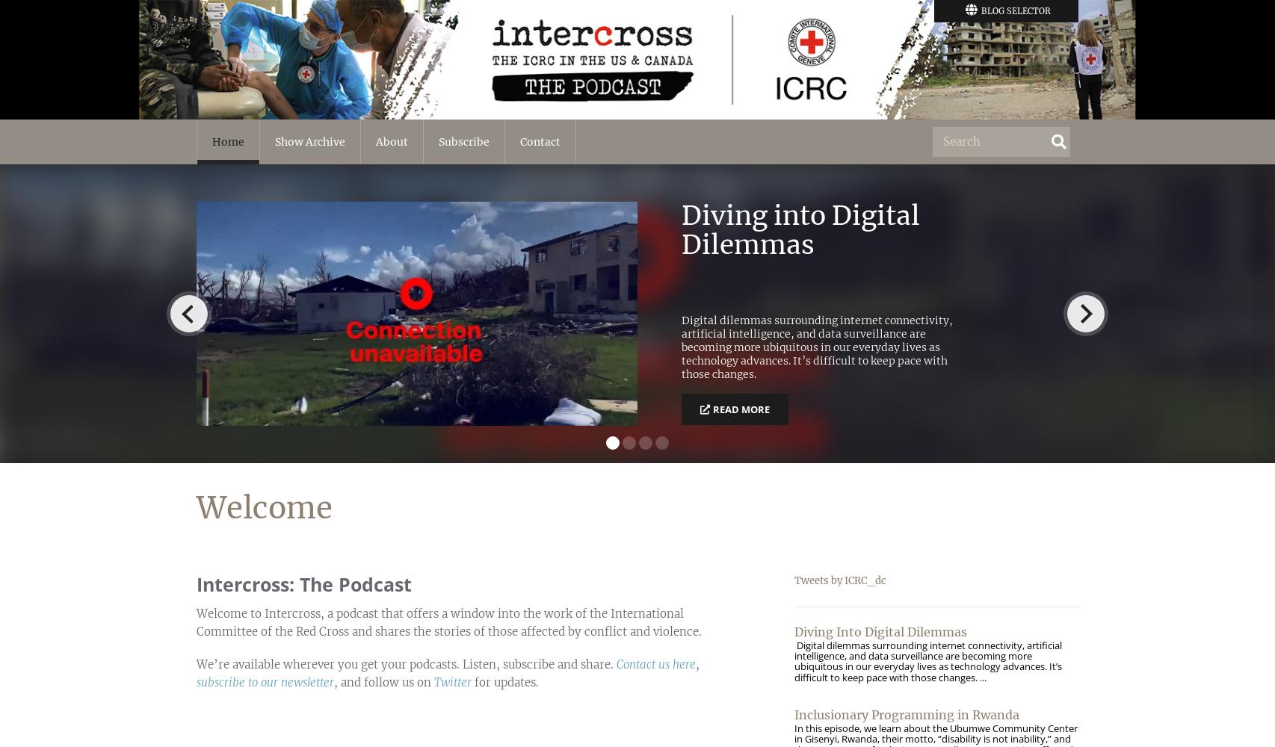  What do you see at coordinates (741, 409) in the screenshot?
I see `'Read more'` at bounding box center [741, 409].